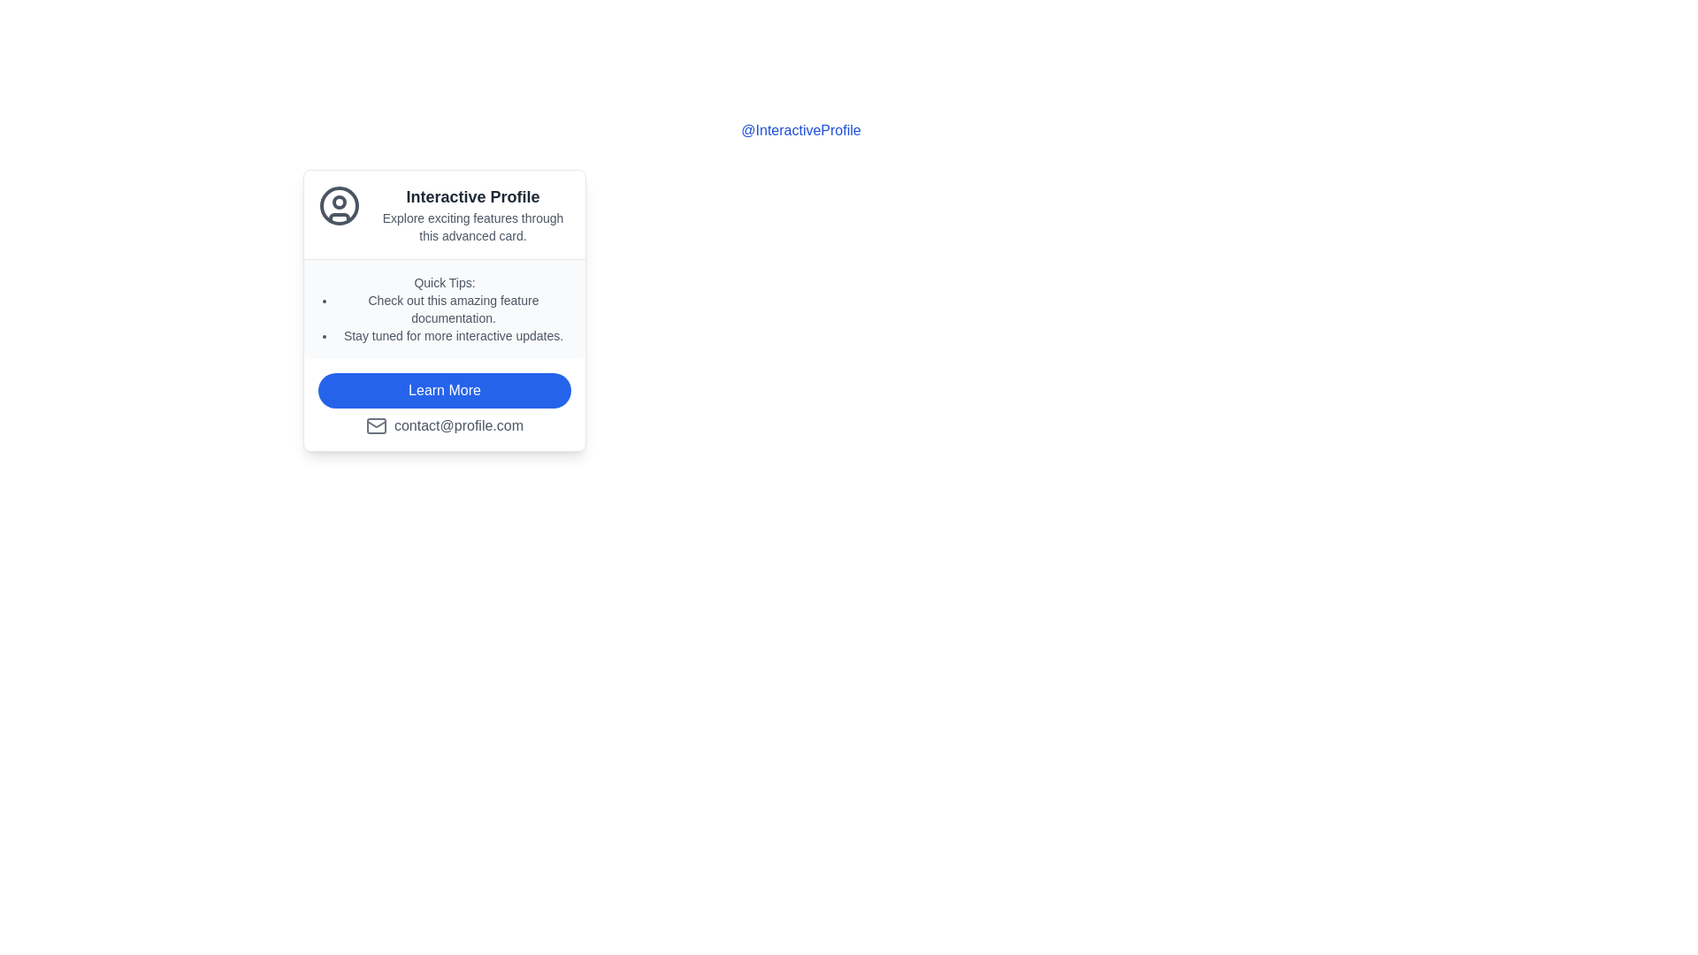  What do you see at coordinates (375, 426) in the screenshot?
I see `the mail icon representing the email contact method 'contact@profile.com' located in the lower portion of the card layout` at bounding box center [375, 426].